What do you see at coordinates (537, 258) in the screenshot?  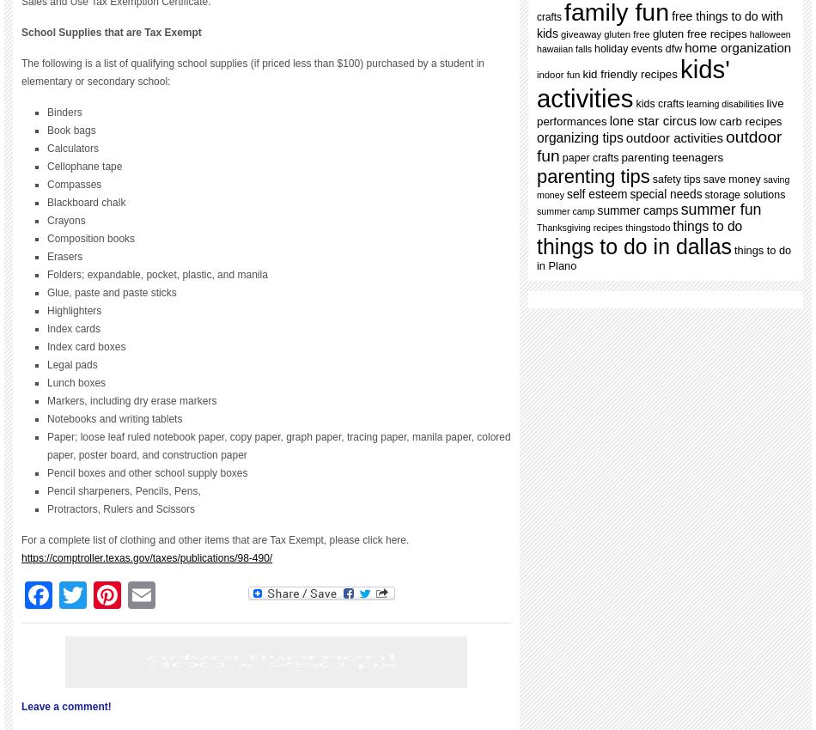 I see `'things to do in Plano'` at bounding box center [537, 258].